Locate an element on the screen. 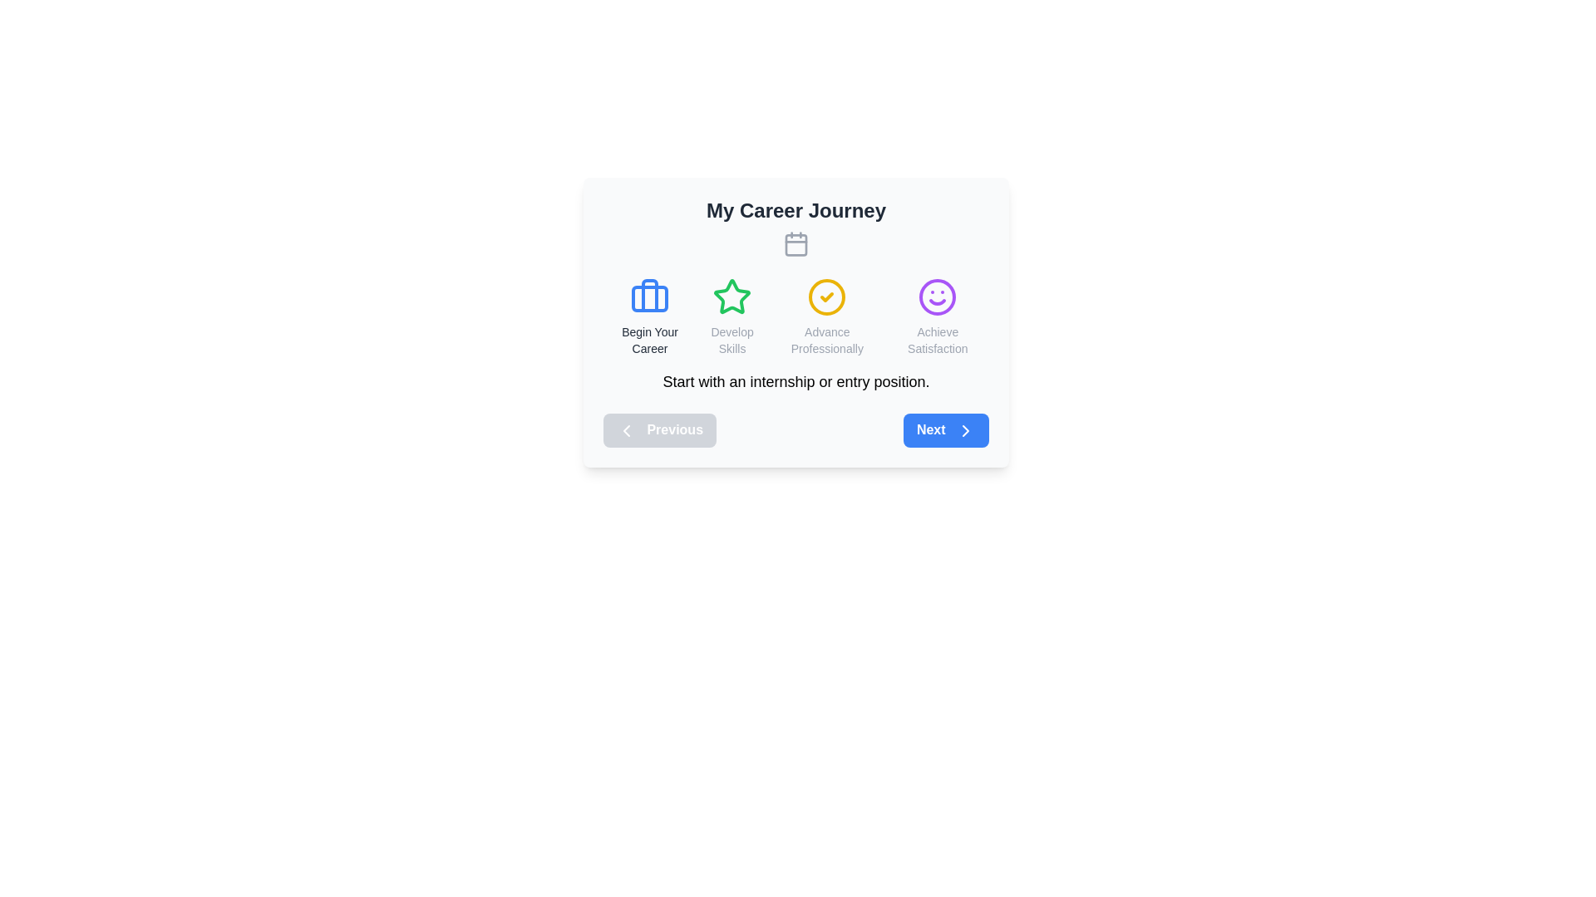 The height and width of the screenshot is (897, 1596). the fourth icon under the 'My Career Journey' section, which represents achieving satisfaction and has the text 'Achieve Satisfaction' below it is located at coordinates (938, 297).